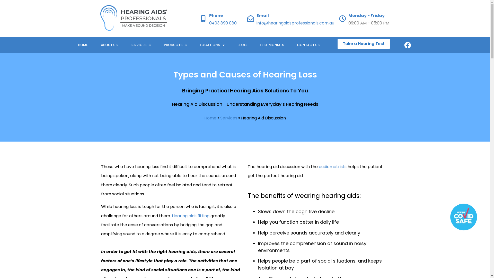 This screenshot has height=278, width=494. I want to click on 'TESTIMONIALS', so click(271, 45).